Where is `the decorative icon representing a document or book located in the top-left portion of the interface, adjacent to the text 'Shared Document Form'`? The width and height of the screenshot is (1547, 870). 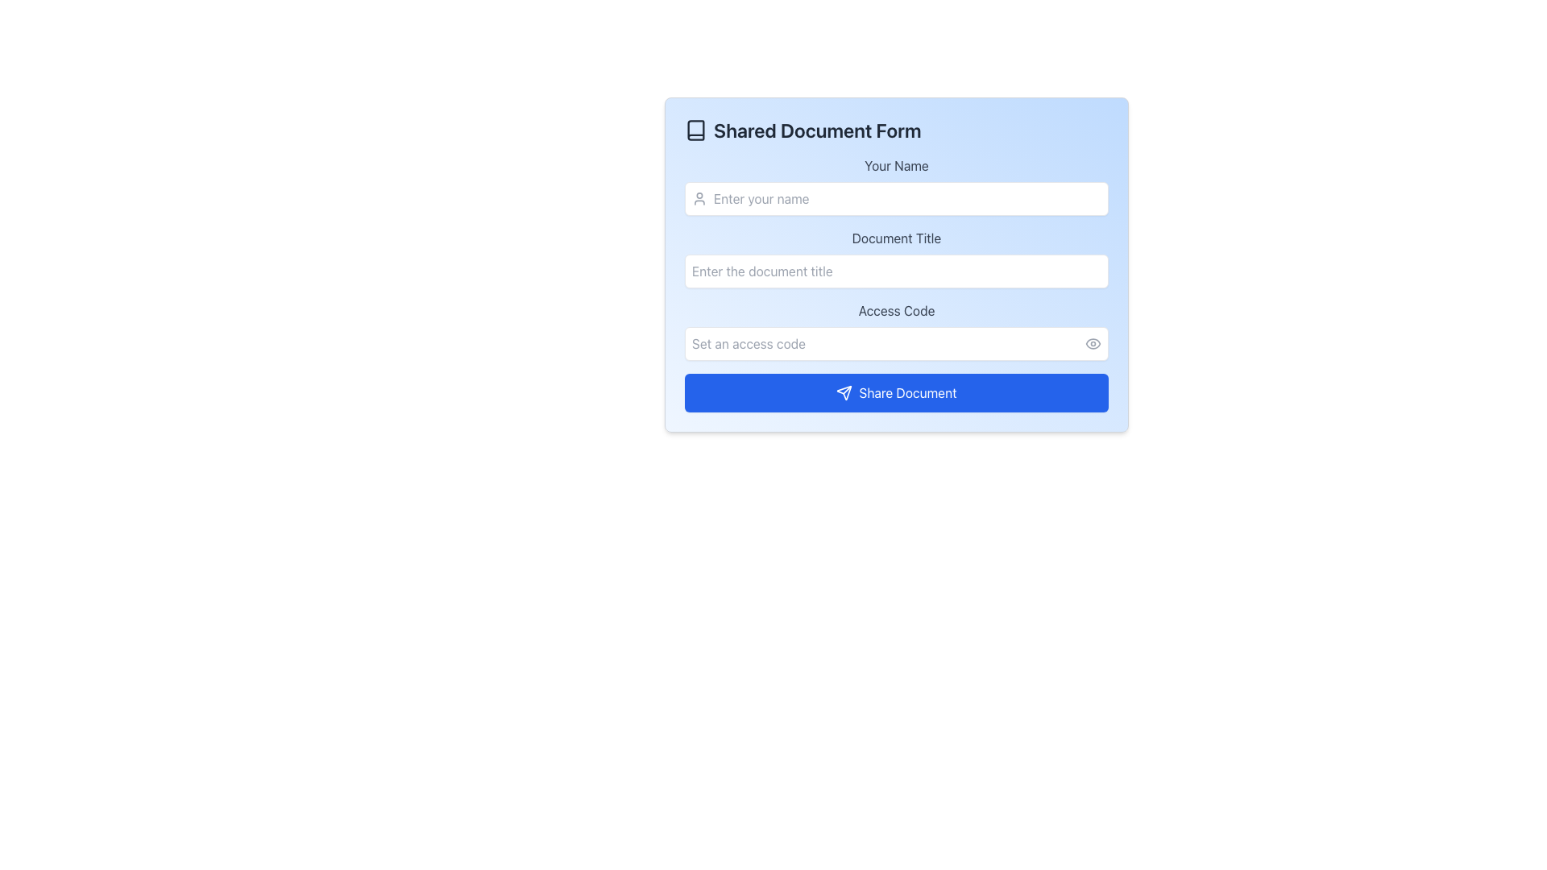
the decorative icon representing a document or book located in the top-left portion of the interface, adjacent to the text 'Shared Document Form' is located at coordinates (696, 130).